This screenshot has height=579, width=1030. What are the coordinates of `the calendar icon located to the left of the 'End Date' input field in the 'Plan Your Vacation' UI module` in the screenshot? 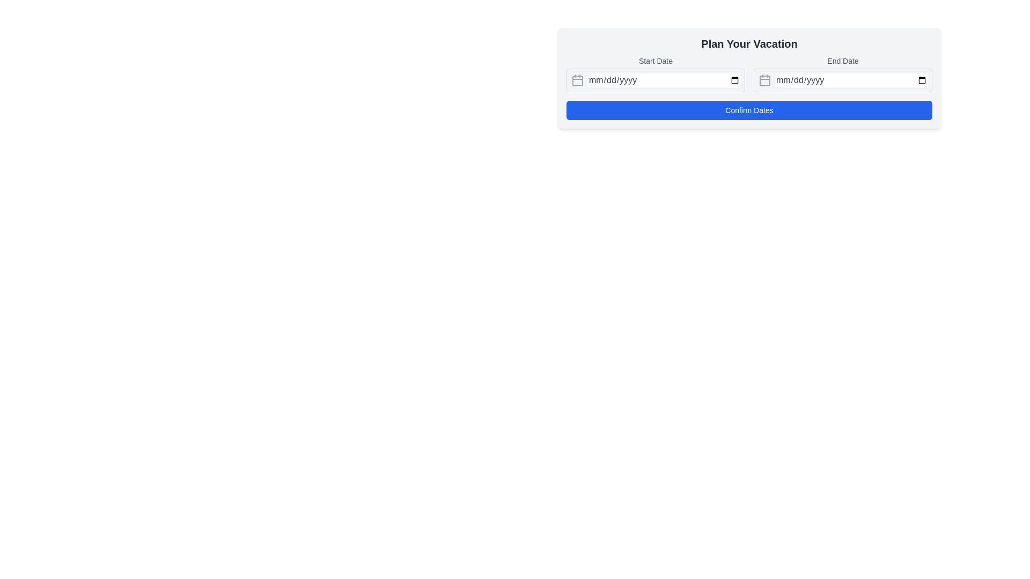 It's located at (764, 80).